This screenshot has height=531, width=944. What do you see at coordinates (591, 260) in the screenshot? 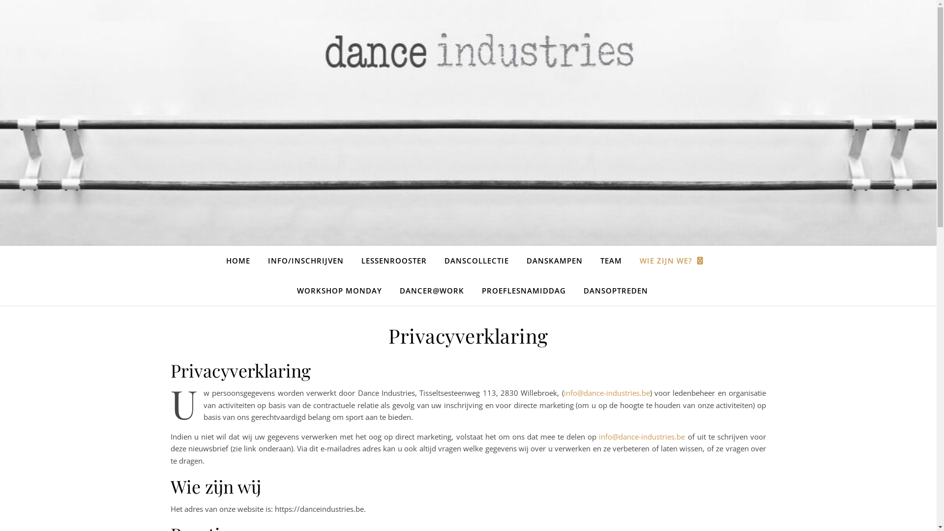
I see `'TEAM'` at bounding box center [591, 260].